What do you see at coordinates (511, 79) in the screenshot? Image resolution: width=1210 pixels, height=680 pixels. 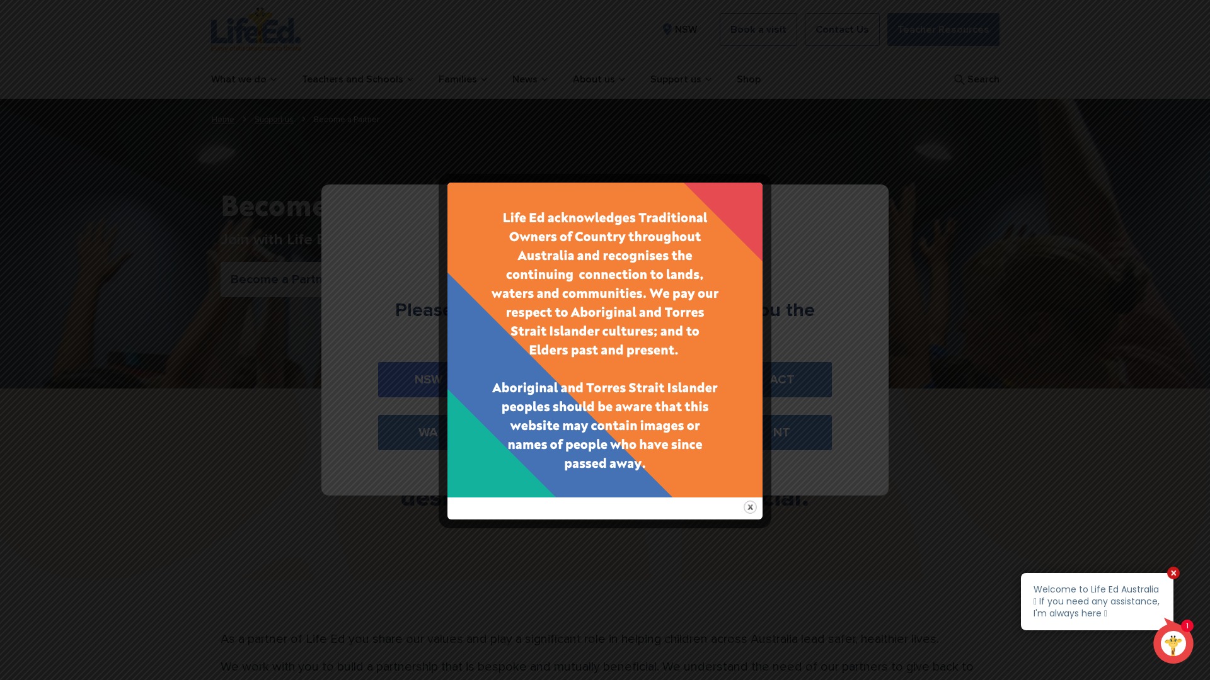 I see `'News'` at bounding box center [511, 79].